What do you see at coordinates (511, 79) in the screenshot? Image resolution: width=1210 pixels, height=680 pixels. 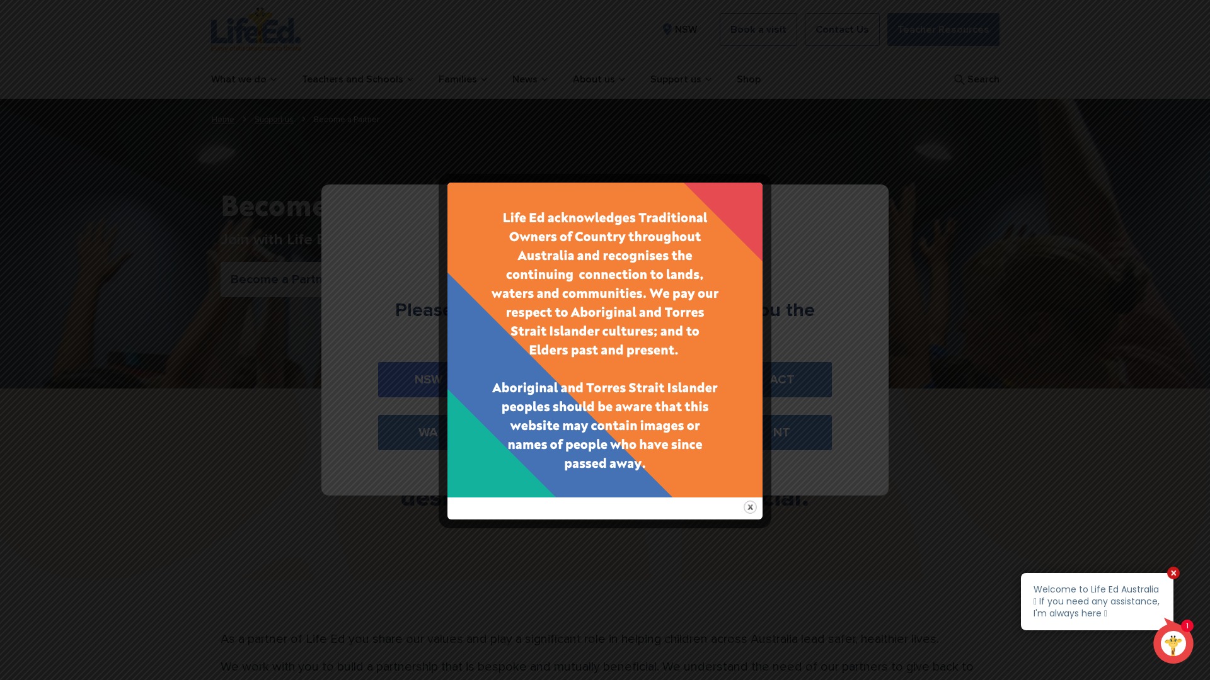 I see `'News'` at bounding box center [511, 79].